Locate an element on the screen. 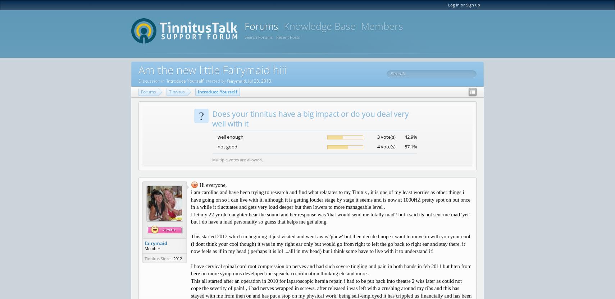 Image resolution: width=615 pixels, height=299 pixels. 'Hi everyone,' is located at coordinates (212, 184).